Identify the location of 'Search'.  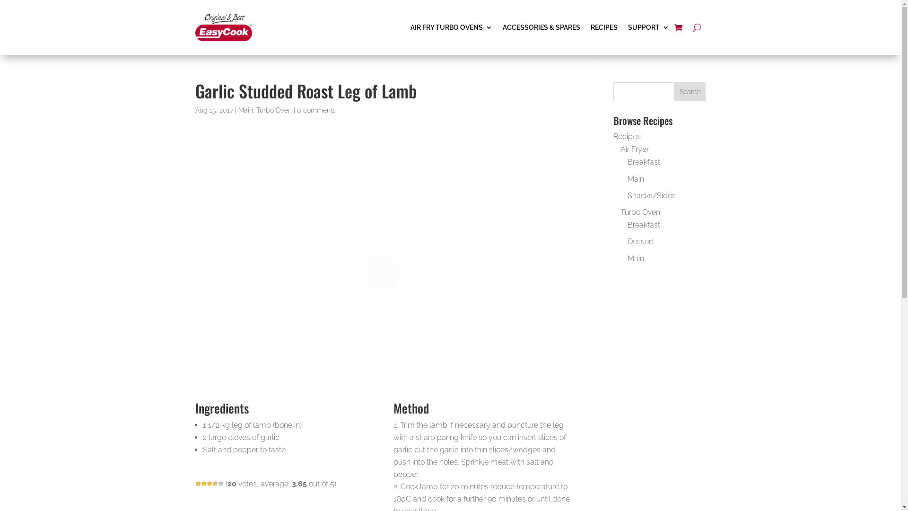
(690, 91).